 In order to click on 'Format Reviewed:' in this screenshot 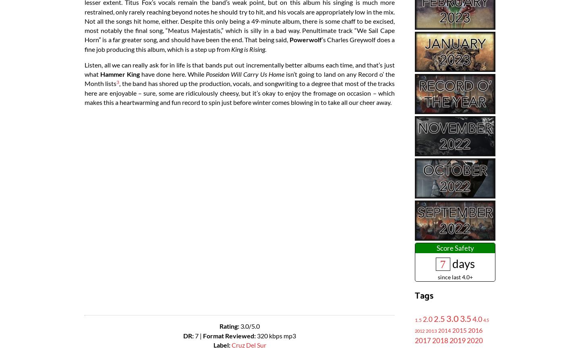, I will do `click(230, 335)`.